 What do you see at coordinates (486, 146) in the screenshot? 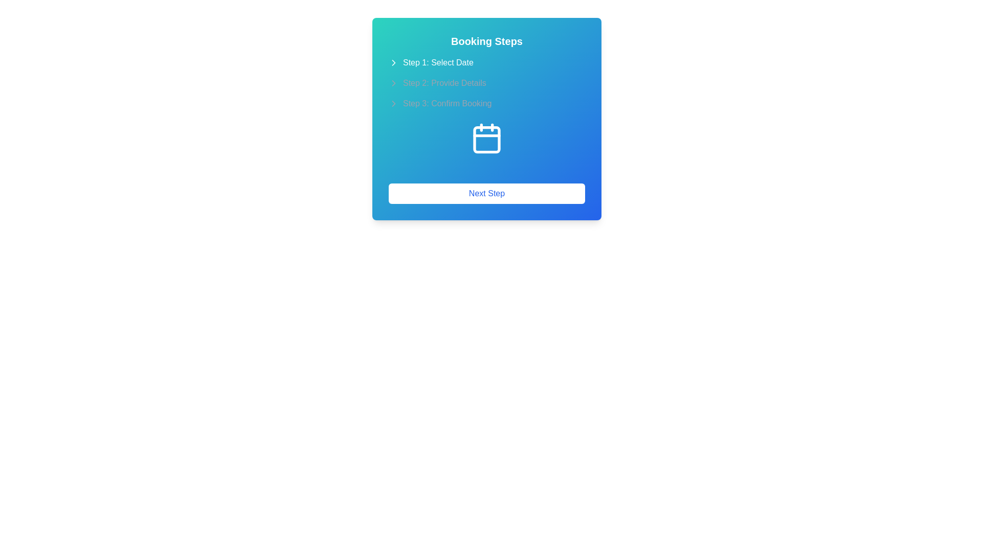
I see `the Decorative icon that represents the 'Select Date' step in the booking process, which is located in the middle of the Booking Steps card` at bounding box center [486, 146].